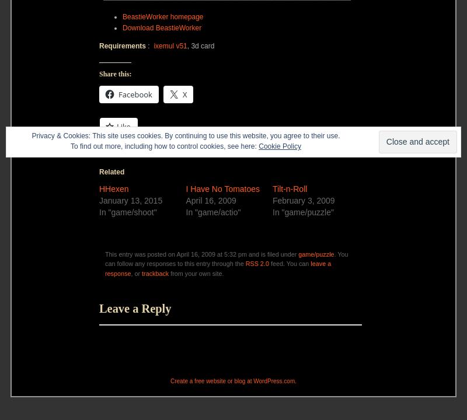 This screenshot has height=420, width=467. What do you see at coordinates (149, 45) in the screenshot?
I see `':'` at bounding box center [149, 45].